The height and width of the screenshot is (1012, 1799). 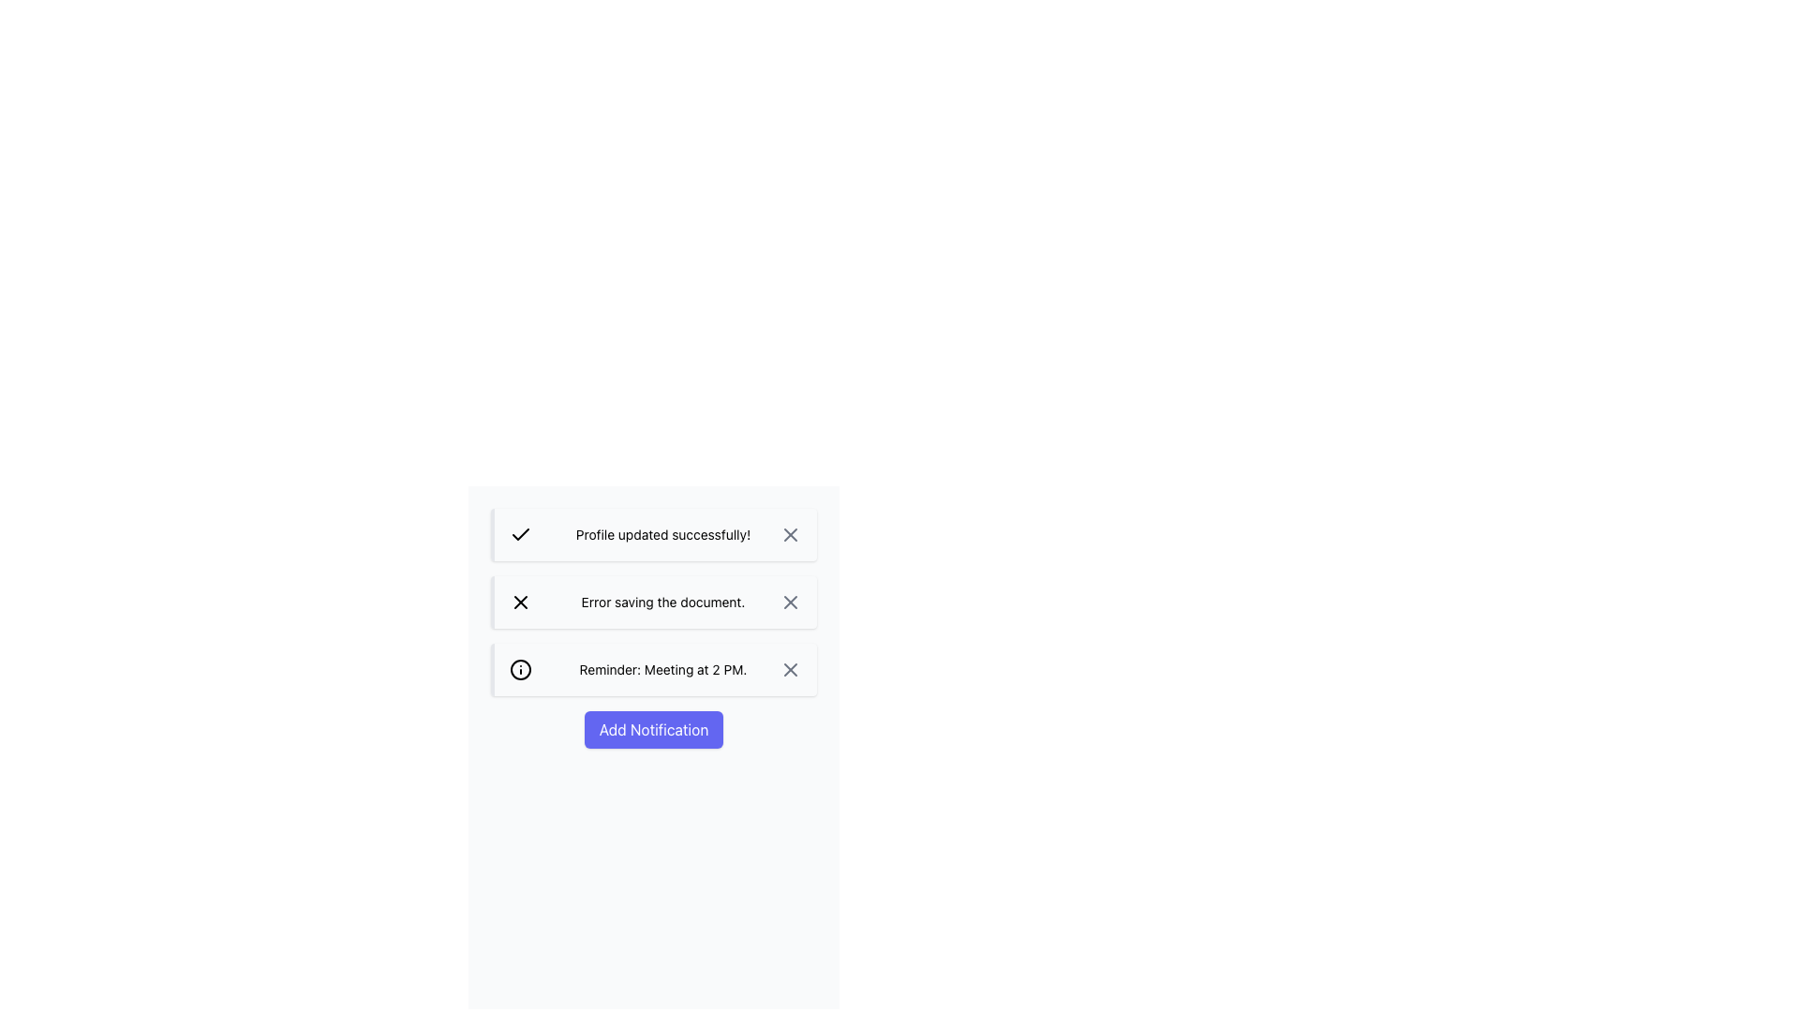 What do you see at coordinates (791, 668) in the screenshot?
I see `the dismiss button located on the far-right of the notification box` at bounding box center [791, 668].